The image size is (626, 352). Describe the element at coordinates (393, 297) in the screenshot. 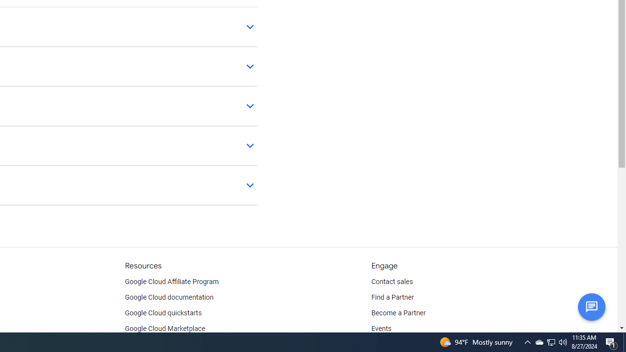

I see `'Find a Partner'` at that location.